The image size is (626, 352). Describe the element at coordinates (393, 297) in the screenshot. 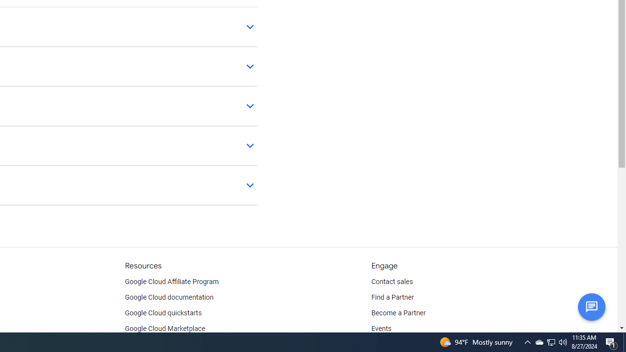

I see `'Find a Partner'` at that location.